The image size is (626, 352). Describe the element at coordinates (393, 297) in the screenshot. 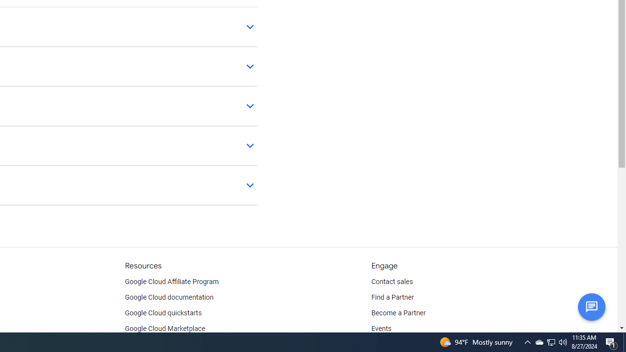

I see `'Find a Partner'` at that location.